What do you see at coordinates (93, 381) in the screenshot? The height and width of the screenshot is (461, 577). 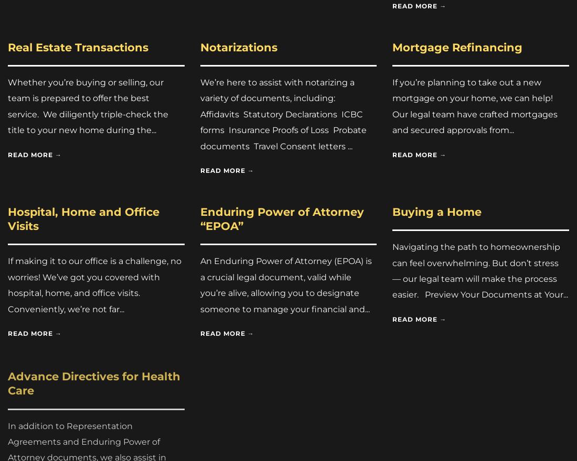 I see `'Advance Directives for Health Care'` at bounding box center [93, 381].